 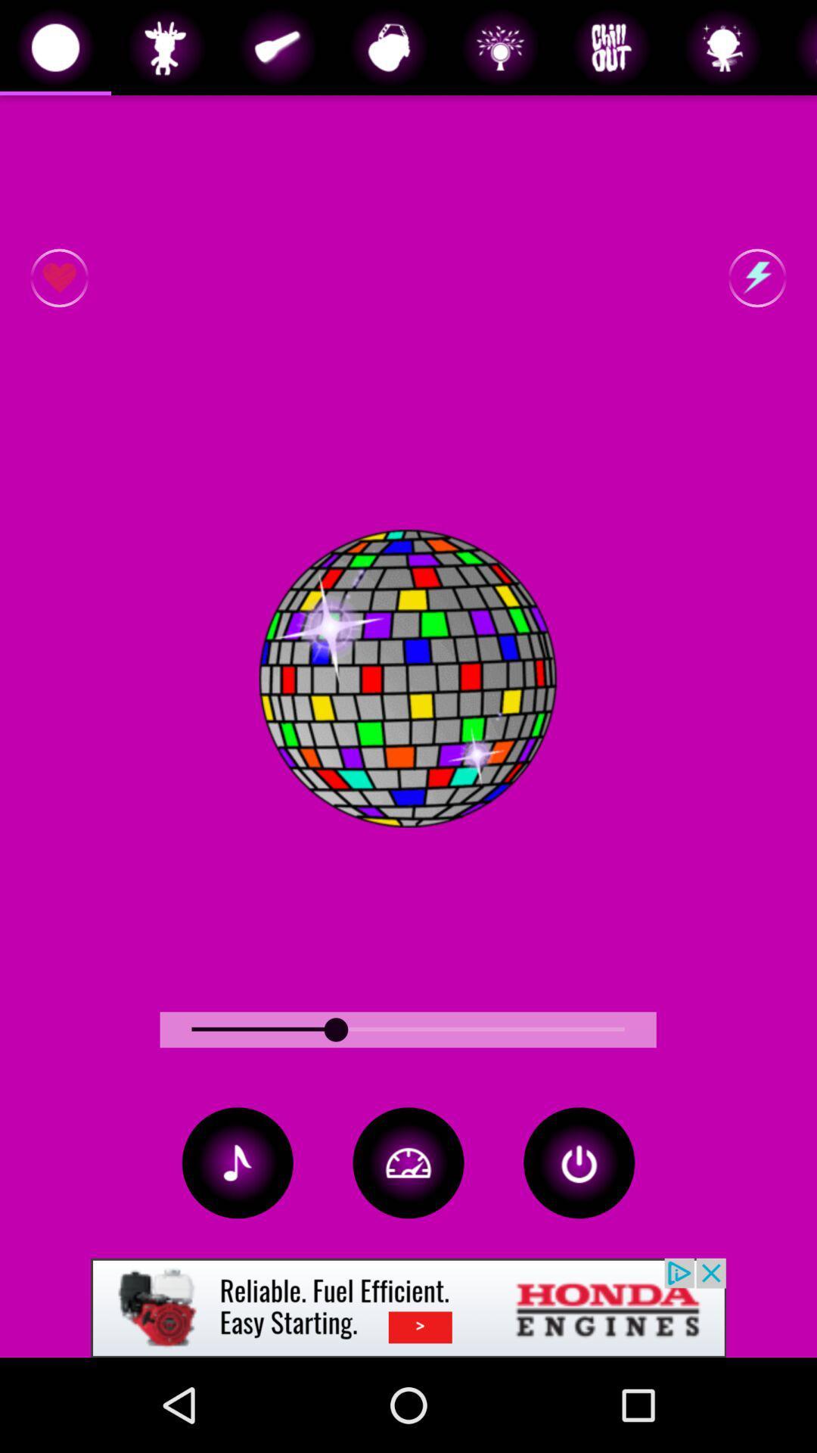 What do you see at coordinates (408, 1307) in the screenshot?
I see `advertisements image` at bounding box center [408, 1307].